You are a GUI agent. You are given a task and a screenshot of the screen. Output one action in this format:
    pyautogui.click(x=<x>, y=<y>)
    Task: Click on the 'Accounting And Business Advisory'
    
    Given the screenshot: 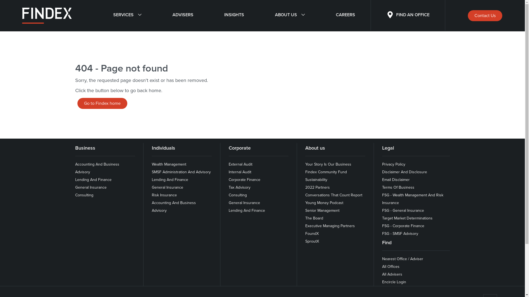 What is the action you would take?
    pyautogui.click(x=152, y=207)
    